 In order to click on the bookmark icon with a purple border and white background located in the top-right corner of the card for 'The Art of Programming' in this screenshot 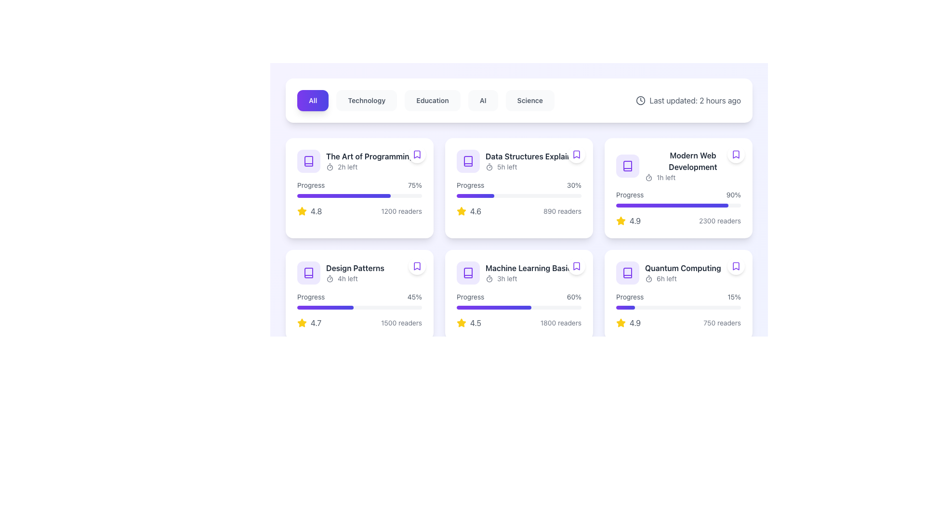, I will do `click(417, 154)`.